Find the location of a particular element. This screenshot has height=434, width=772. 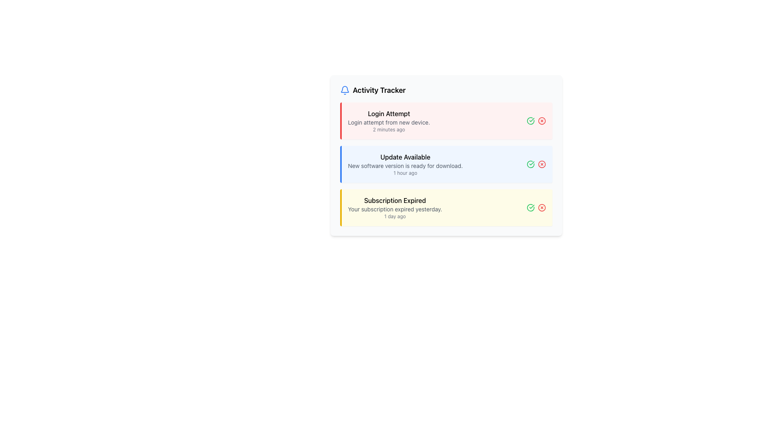

the Heading with an icon located at the top-left corner of the card component, which serves as a label for the card section is located at coordinates (372, 90).